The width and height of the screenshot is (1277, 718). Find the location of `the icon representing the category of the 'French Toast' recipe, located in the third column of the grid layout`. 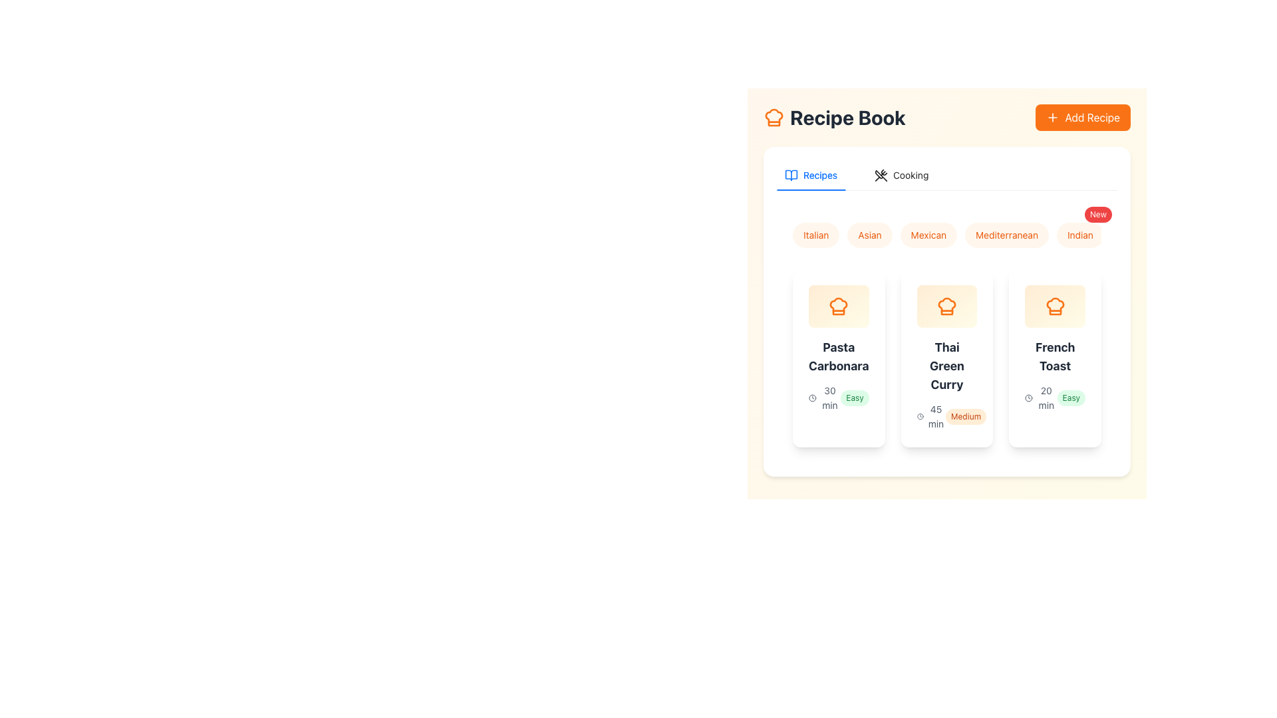

the icon representing the category of the 'French Toast' recipe, located in the third column of the grid layout is located at coordinates (1054, 306).